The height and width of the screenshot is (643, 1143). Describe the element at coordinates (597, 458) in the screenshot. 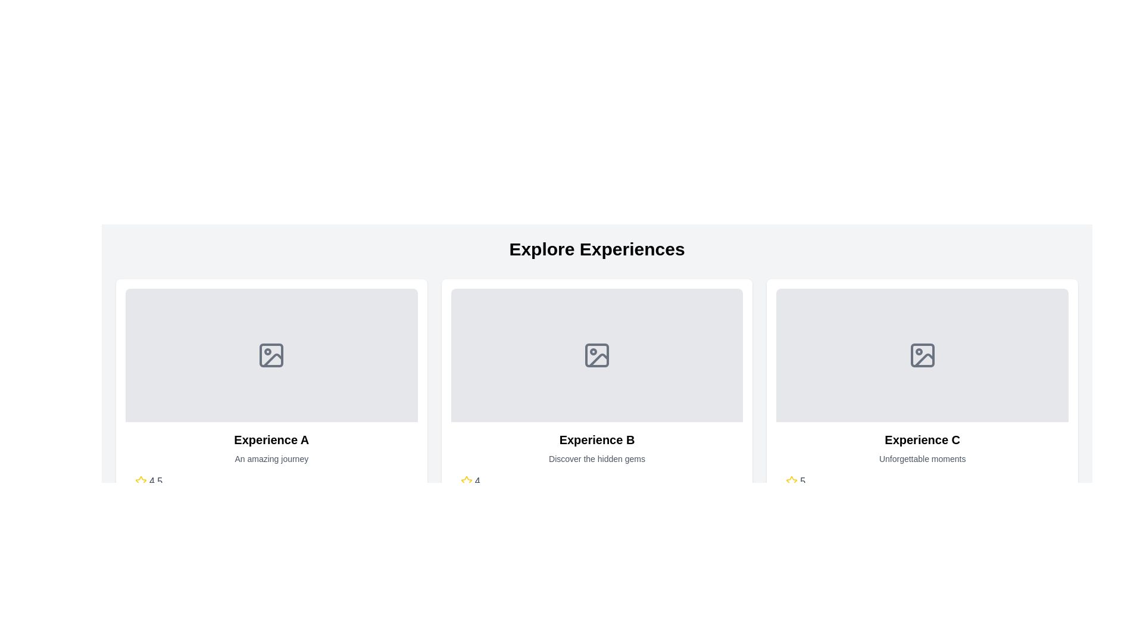

I see `the descriptive Text Label located below the title 'Experience B' and above the rating section` at that location.